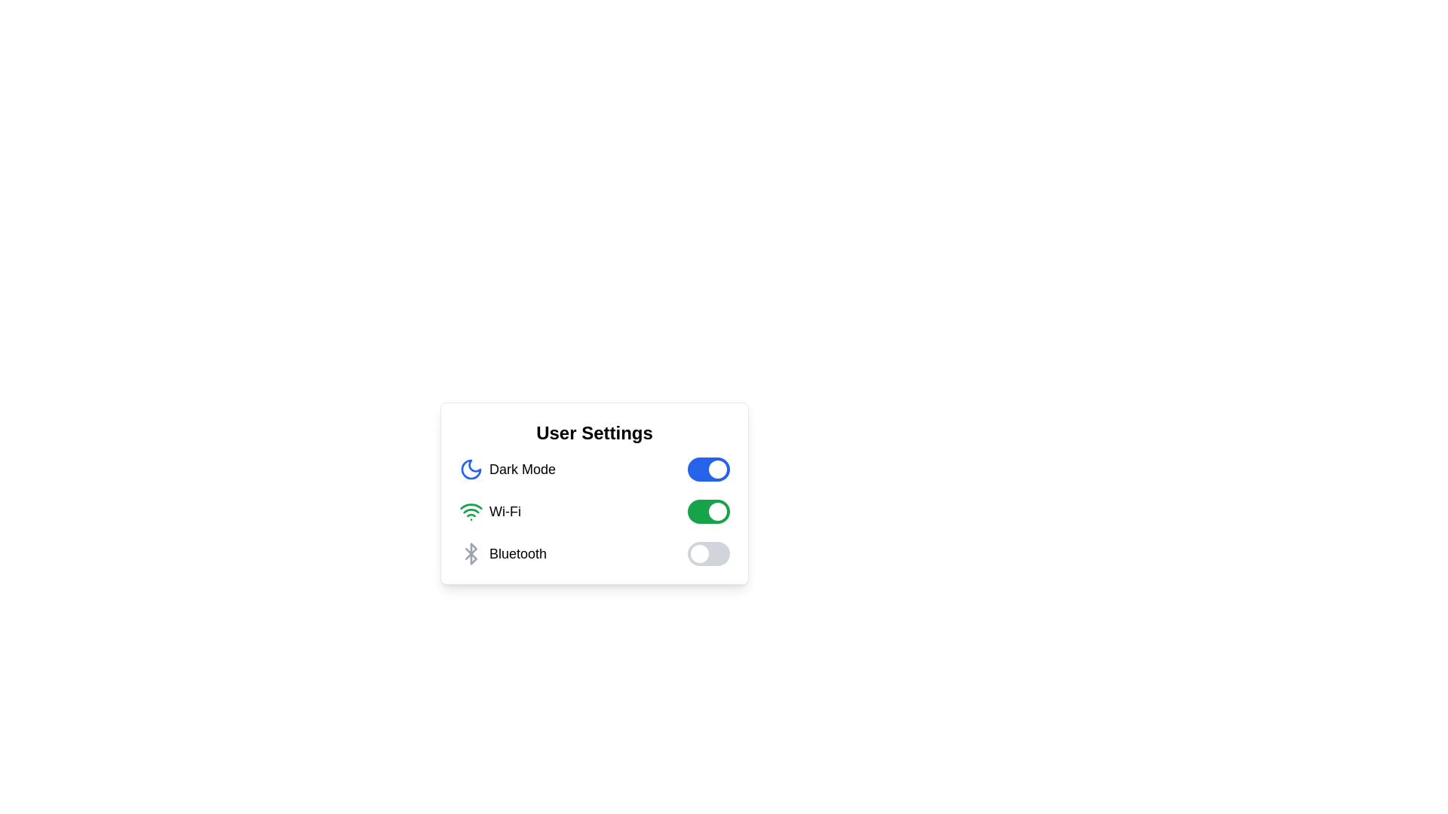 The width and height of the screenshot is (1448, 814). What do you see at coordinates (470, 469) in the screenshot?
I see `the moon-shaped blue icon located to the left of the 'Dark Mode' label within the User Settings menu` at bounding box center [470, 469].